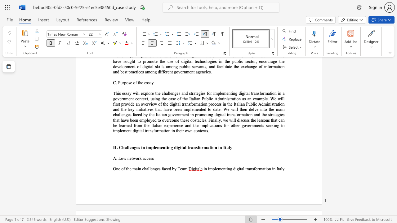 This screenshot has height=223, width=397. I want to click on the subset text "ges faced by T" within the text "One of the main challenges faced by Team", so click(154, 169).